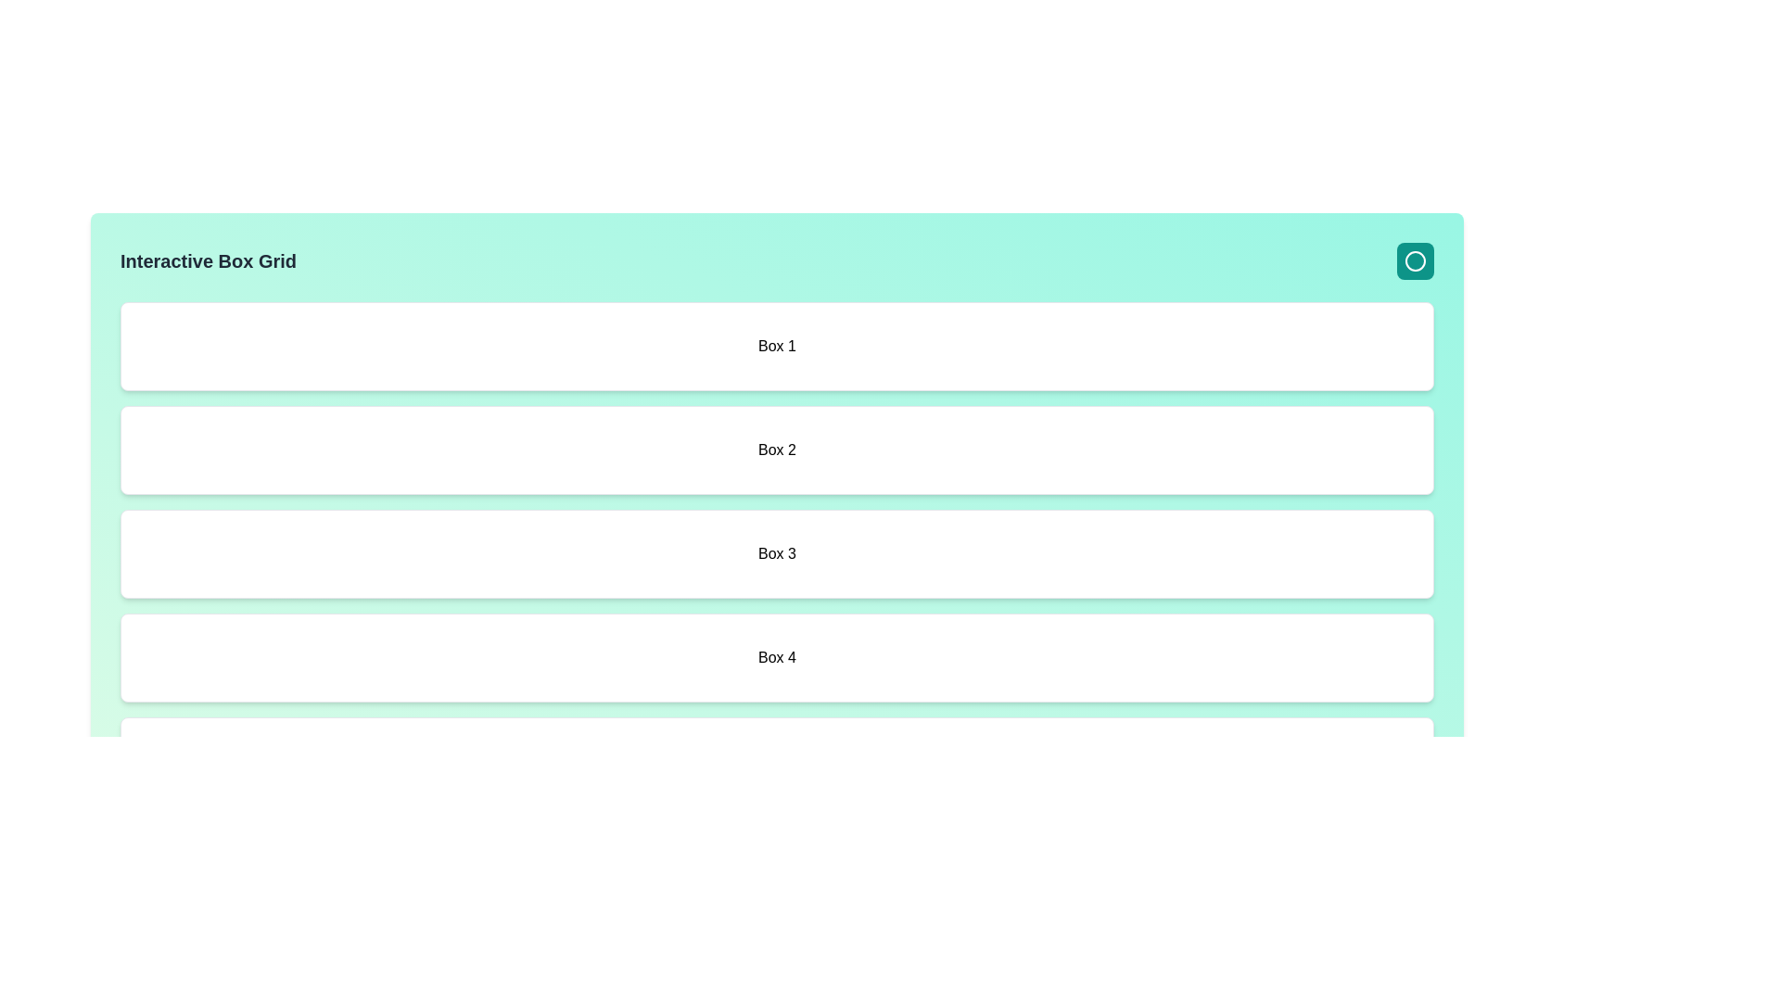 The image size is (1780, 1001). I want to click on SVG circle located in the top-right corner of the panel displaying 'Interactive Box Grid' by clicking on it, so click(1414, 260).